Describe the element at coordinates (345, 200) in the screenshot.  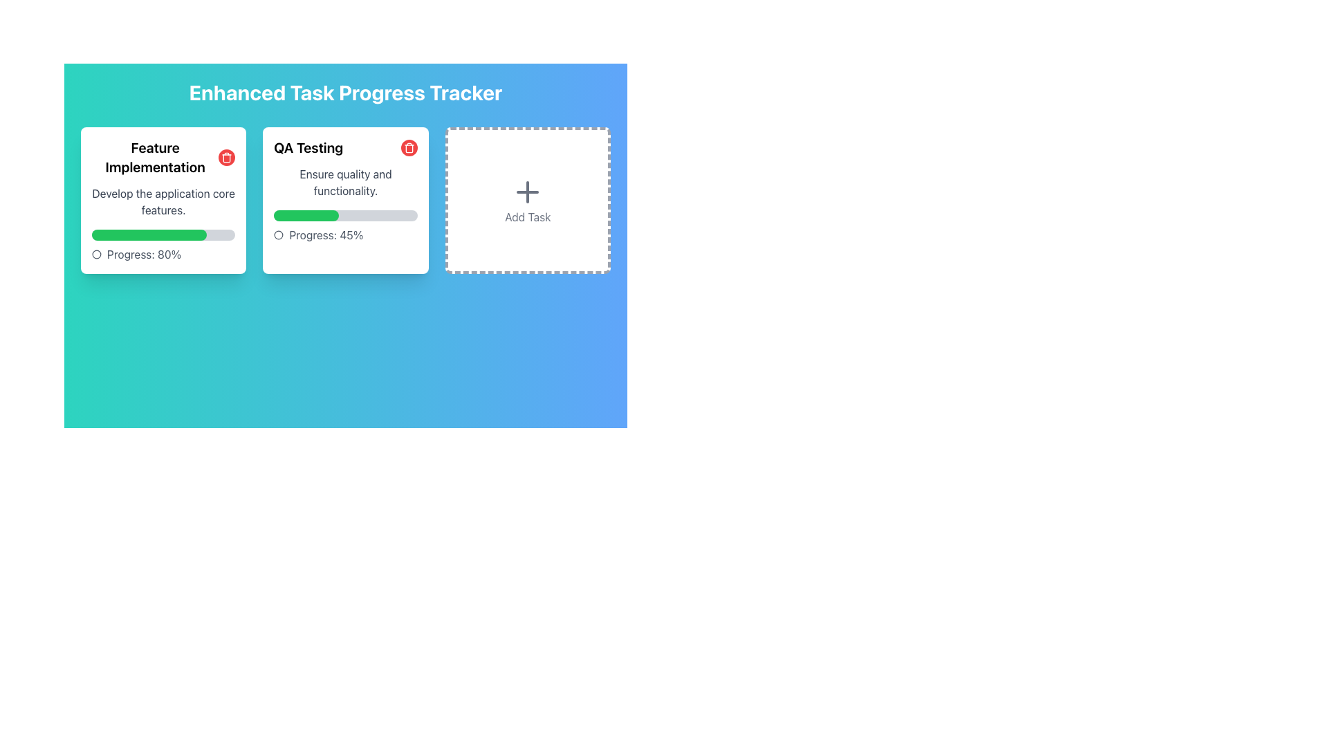
I see `the Information Card titled 'QA Testing', which has a white background, rounded corners, and a delete icon in the top-right corner` at that location.